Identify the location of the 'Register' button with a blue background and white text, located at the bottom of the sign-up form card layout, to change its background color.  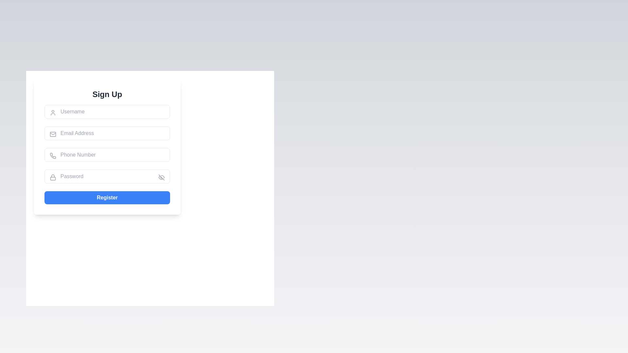
(107, 197).